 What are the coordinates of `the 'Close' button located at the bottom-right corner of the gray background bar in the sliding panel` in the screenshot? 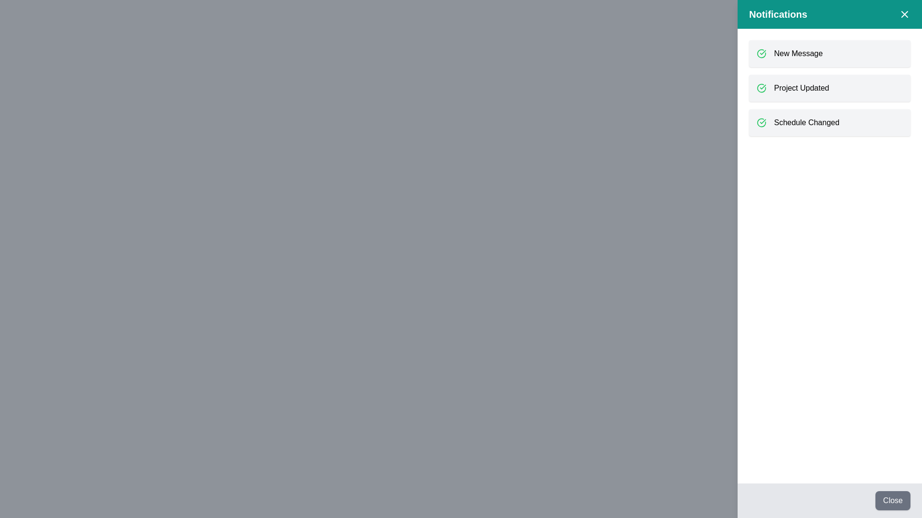 It's located at (892, 500).